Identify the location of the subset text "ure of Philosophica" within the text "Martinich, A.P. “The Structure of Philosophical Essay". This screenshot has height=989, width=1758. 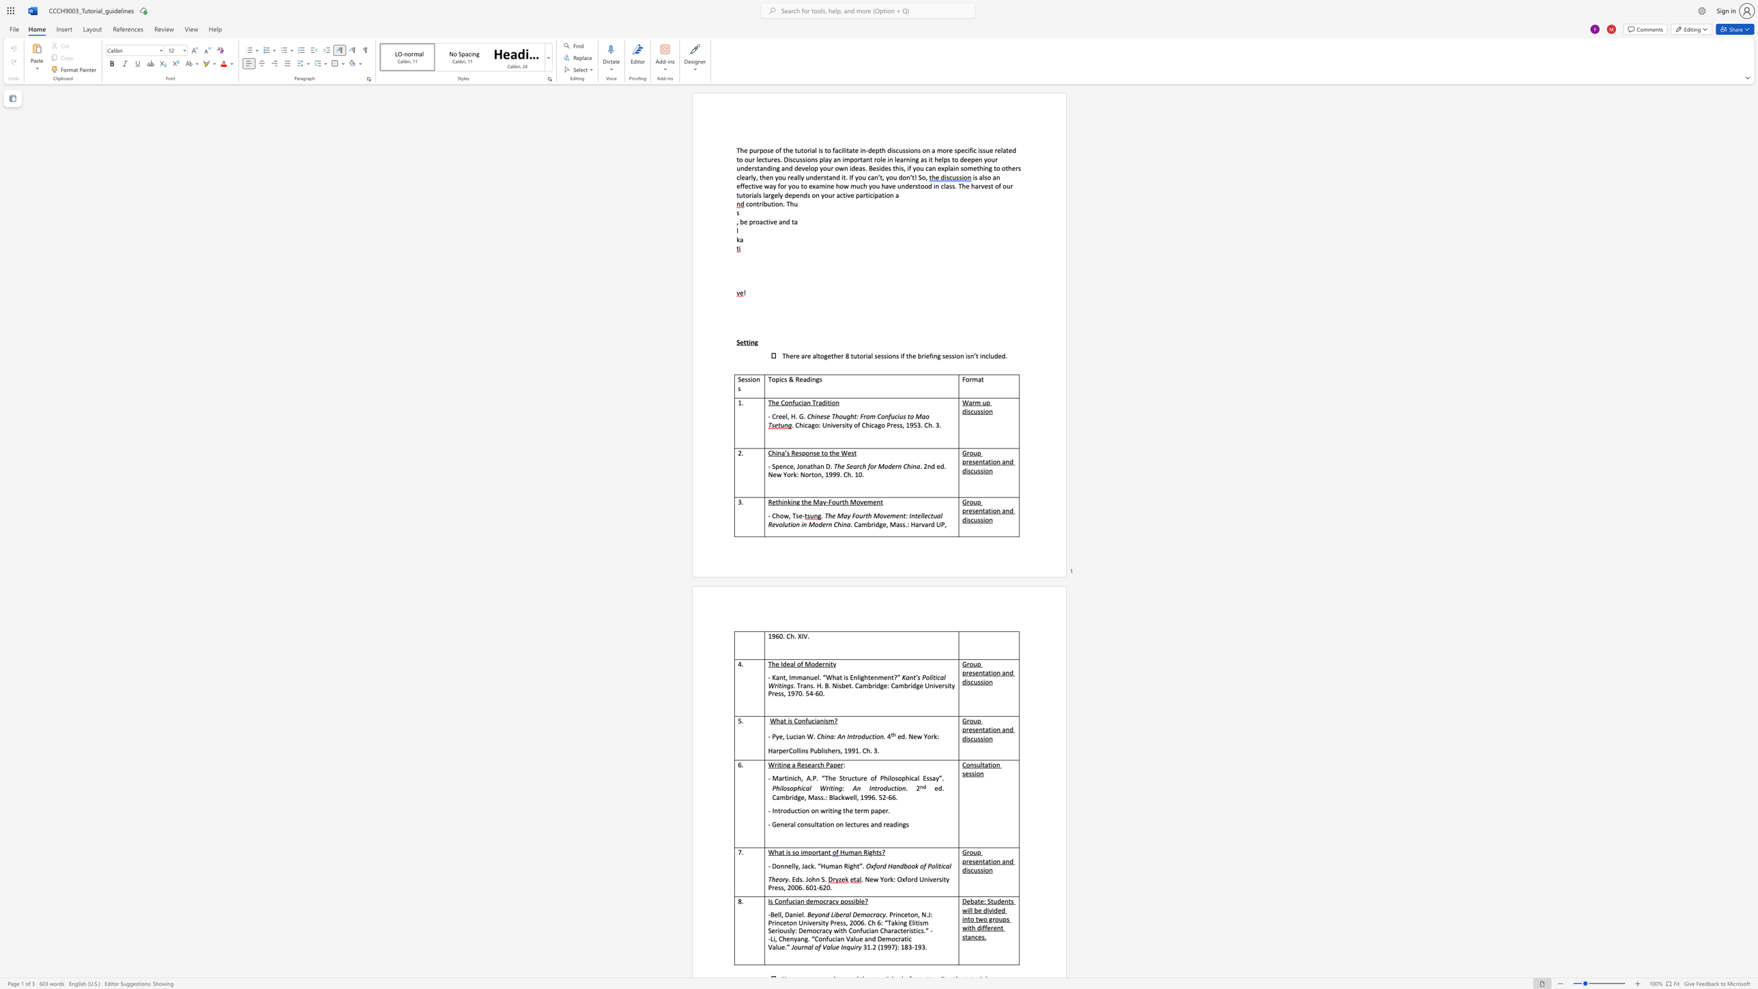
(856, 777).